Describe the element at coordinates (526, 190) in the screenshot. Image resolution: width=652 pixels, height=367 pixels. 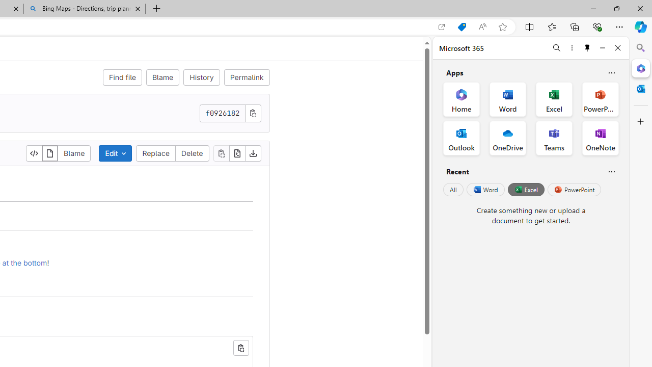
I see `'Excel'` at that location.